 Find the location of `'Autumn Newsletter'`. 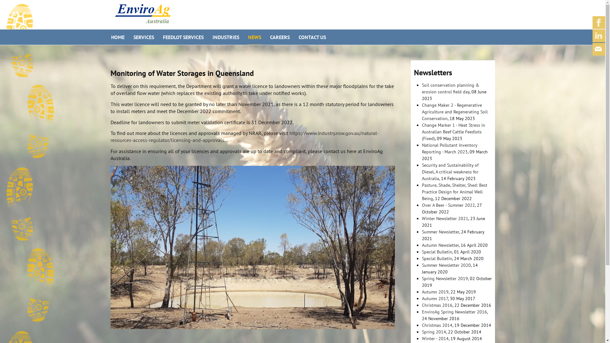

'Autumn Newsletter' is located at coordinates (440, 245).